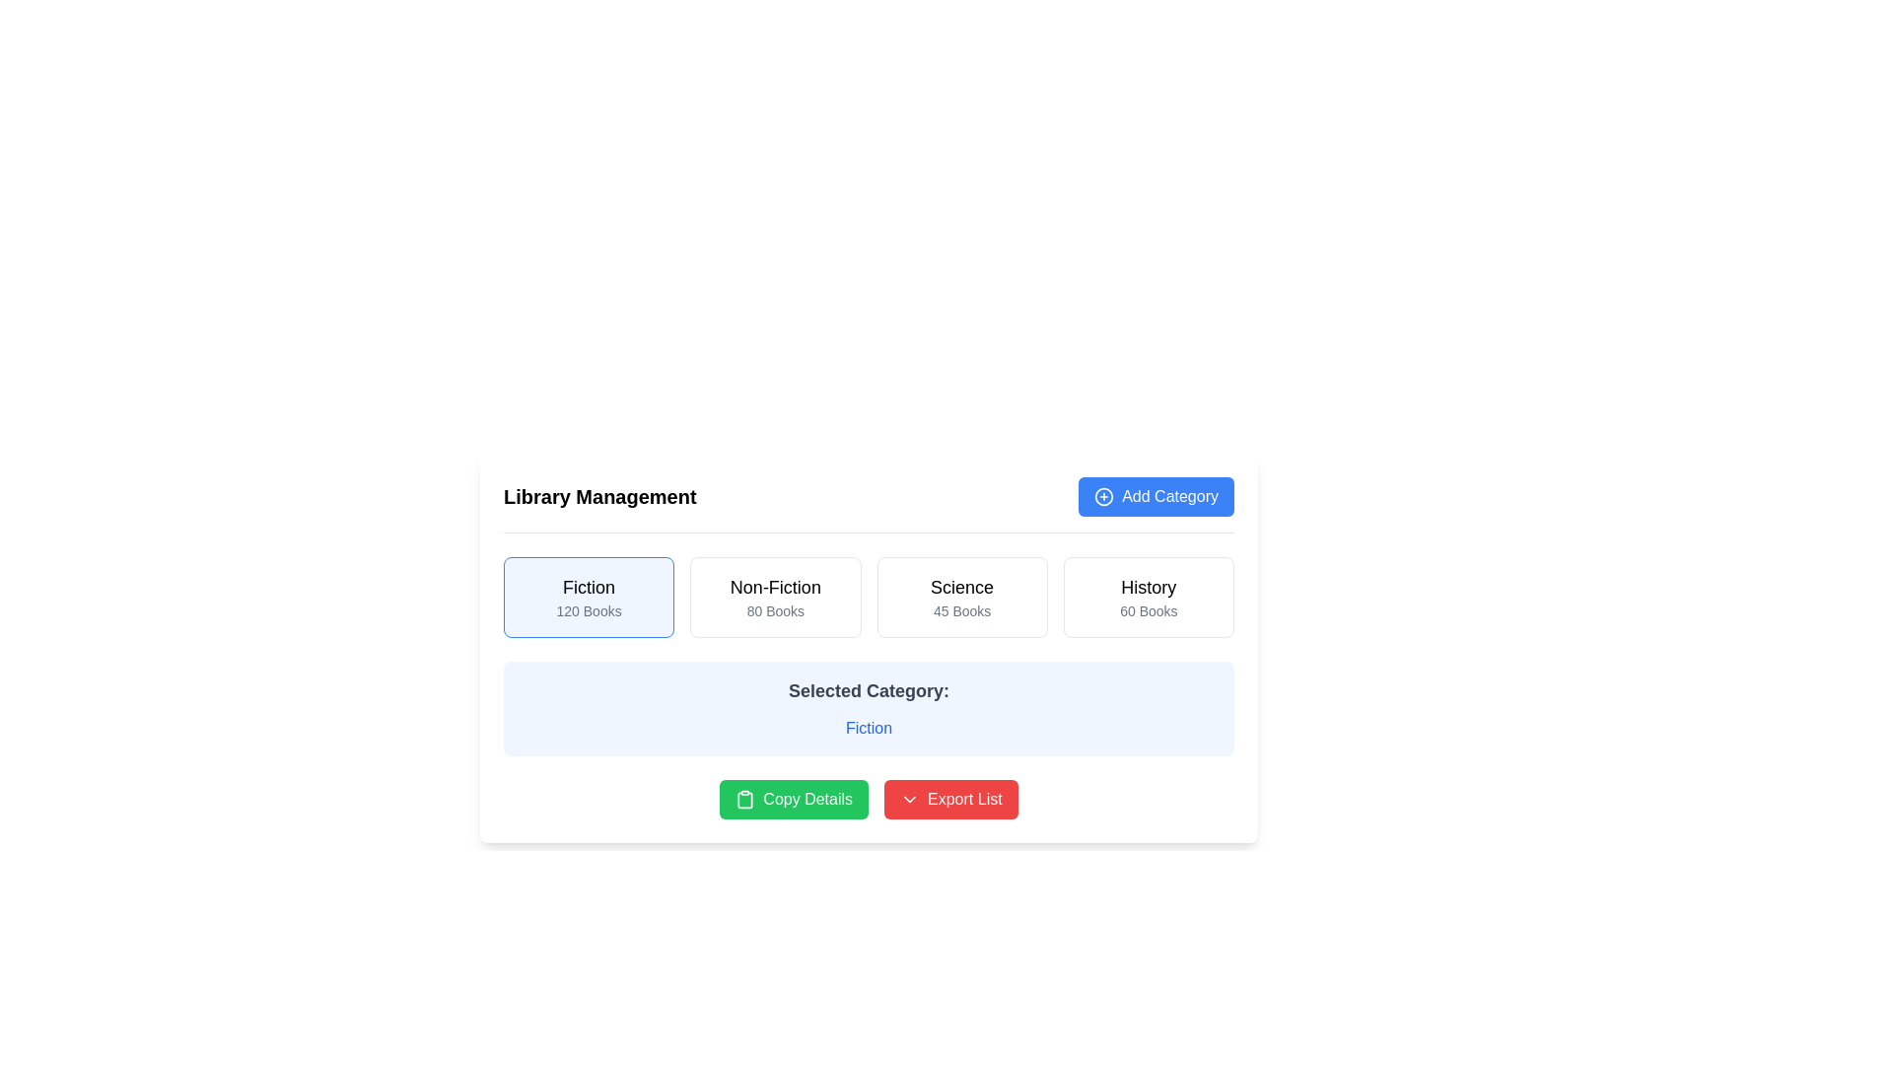  I want to click on the 'Export List' text label within the red button, so click(964, 799).